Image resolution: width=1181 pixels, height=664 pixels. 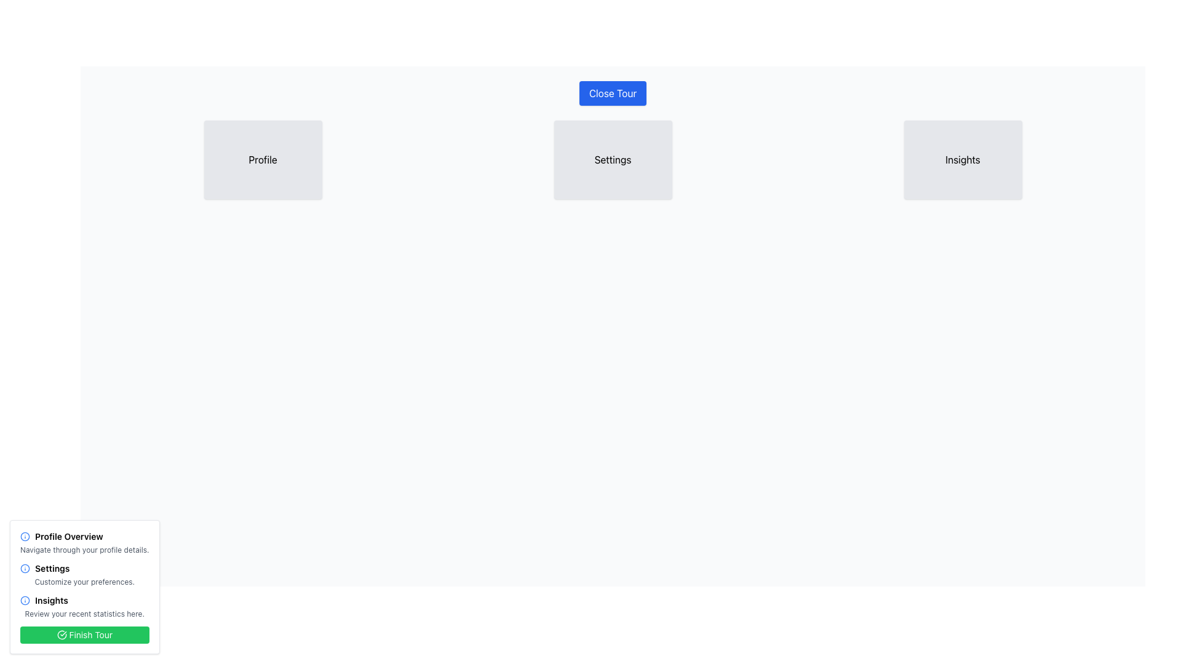 What do you see at coordinates (50, 599) in the screenshot?
I see `the 'Insights' title label in the popup, which is the third item in the vertical list containing 'Profile Overview' and 'Settings'` at bounding box center [50, 599].